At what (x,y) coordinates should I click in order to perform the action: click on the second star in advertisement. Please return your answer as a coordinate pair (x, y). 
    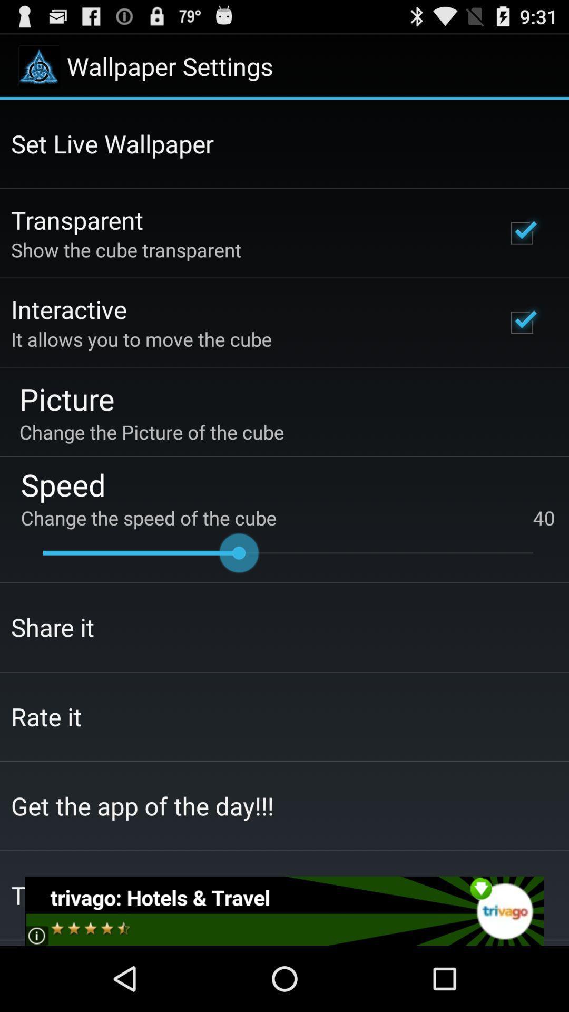
    Looking at the image, I should click on (74, 936).